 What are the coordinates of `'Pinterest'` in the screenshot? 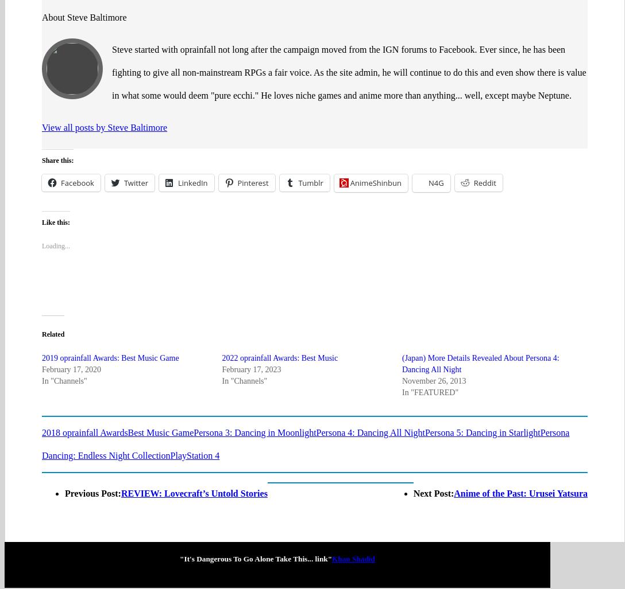 It's located at (252, 138).